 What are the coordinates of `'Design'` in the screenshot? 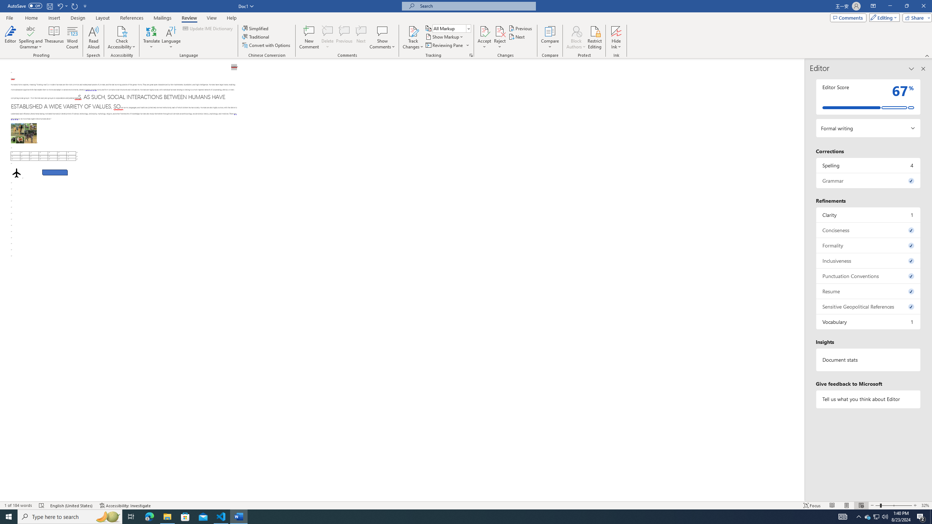 It's located at (78, 18).